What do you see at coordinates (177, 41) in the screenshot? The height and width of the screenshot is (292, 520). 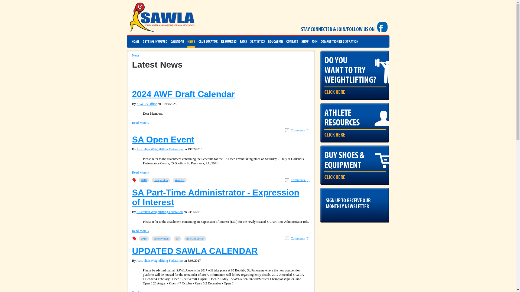 I see `'CALENDAR'` at bounding box center [177, 41].